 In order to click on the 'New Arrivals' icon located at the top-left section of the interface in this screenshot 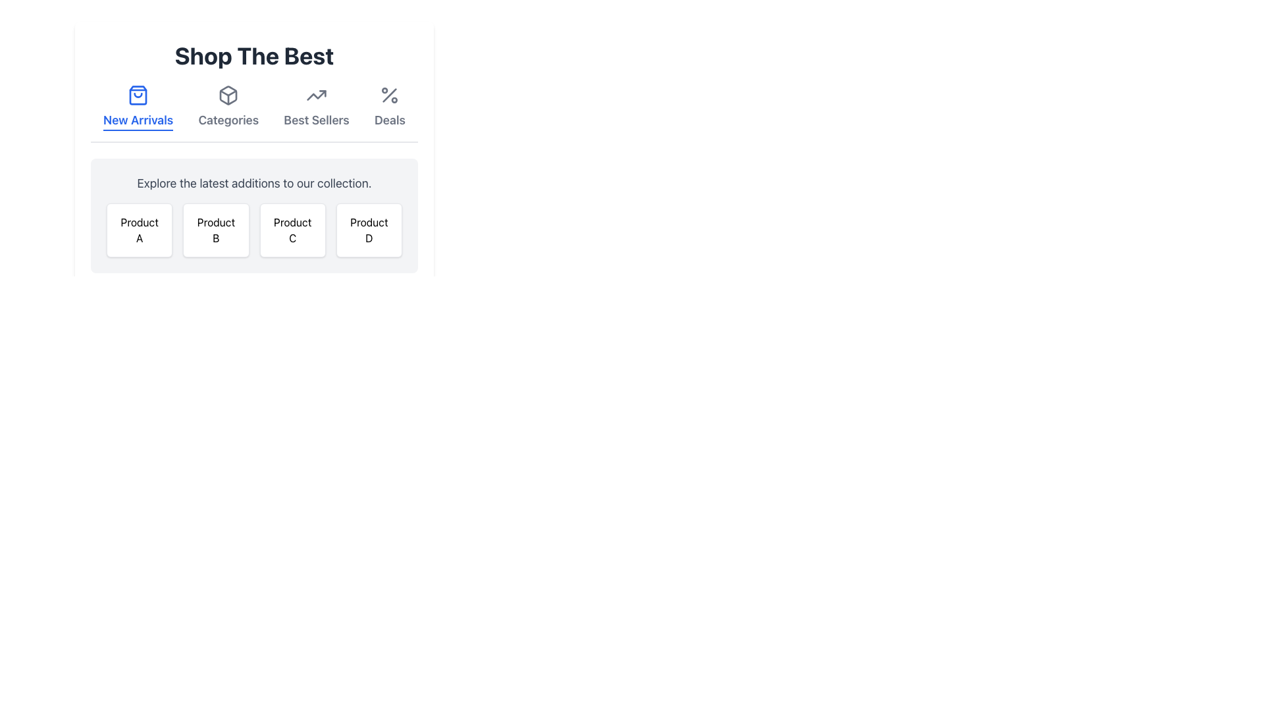, I will do `click(138, 95)`.